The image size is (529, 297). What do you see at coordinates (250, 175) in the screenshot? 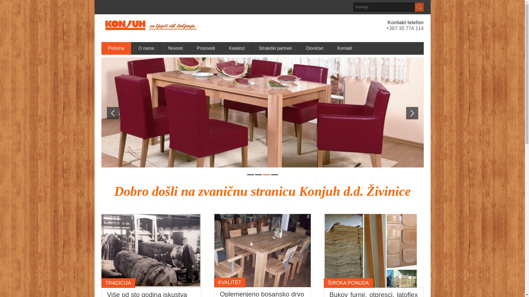
I see `'1'` at bounding box center [250, 175].